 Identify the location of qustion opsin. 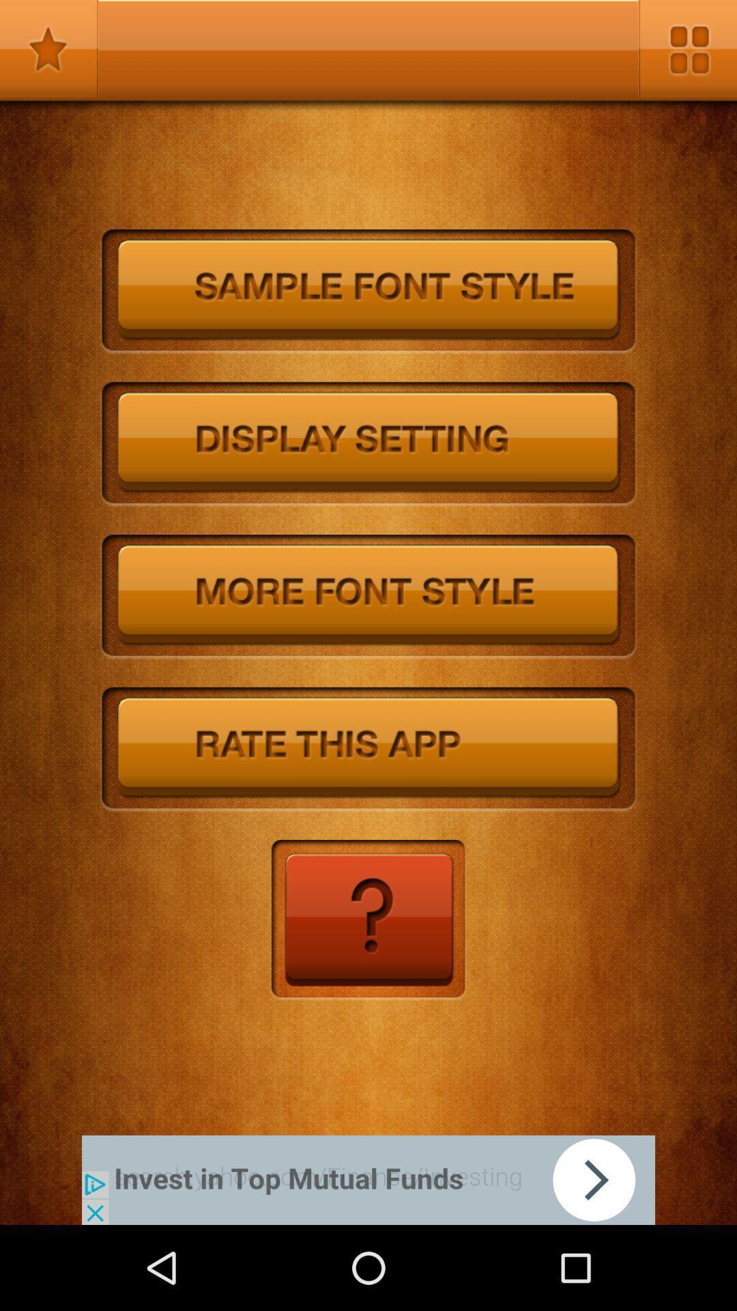
(367, 920).